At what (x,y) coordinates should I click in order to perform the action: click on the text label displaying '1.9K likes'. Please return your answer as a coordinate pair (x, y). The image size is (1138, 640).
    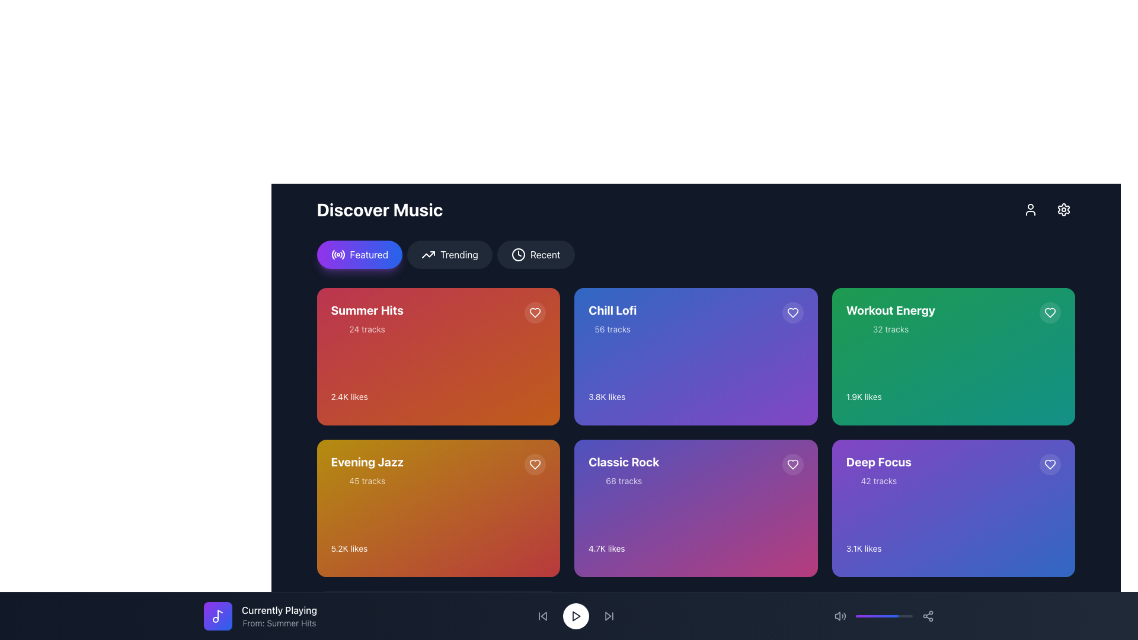
    Looking at the image, I should click on (864, 397).